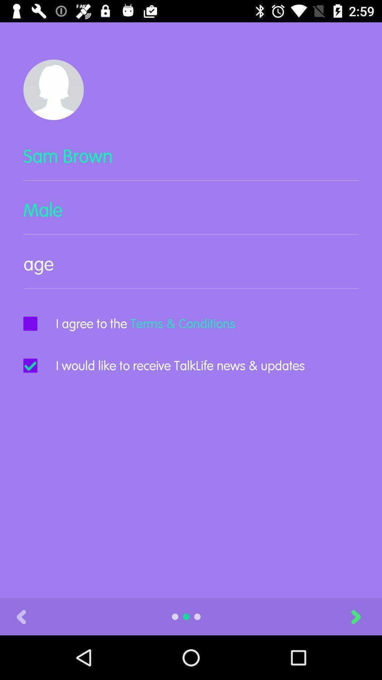 This screenshot has width=382, height=680. Describe the element at coordinates (53, 89) in the screenshot. I see `profile image icon` at that location.